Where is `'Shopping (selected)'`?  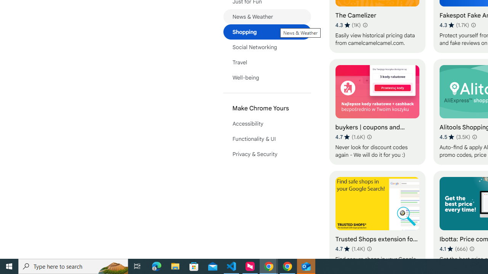 'Shopping (selected)' is located at coordinates (267, 31).